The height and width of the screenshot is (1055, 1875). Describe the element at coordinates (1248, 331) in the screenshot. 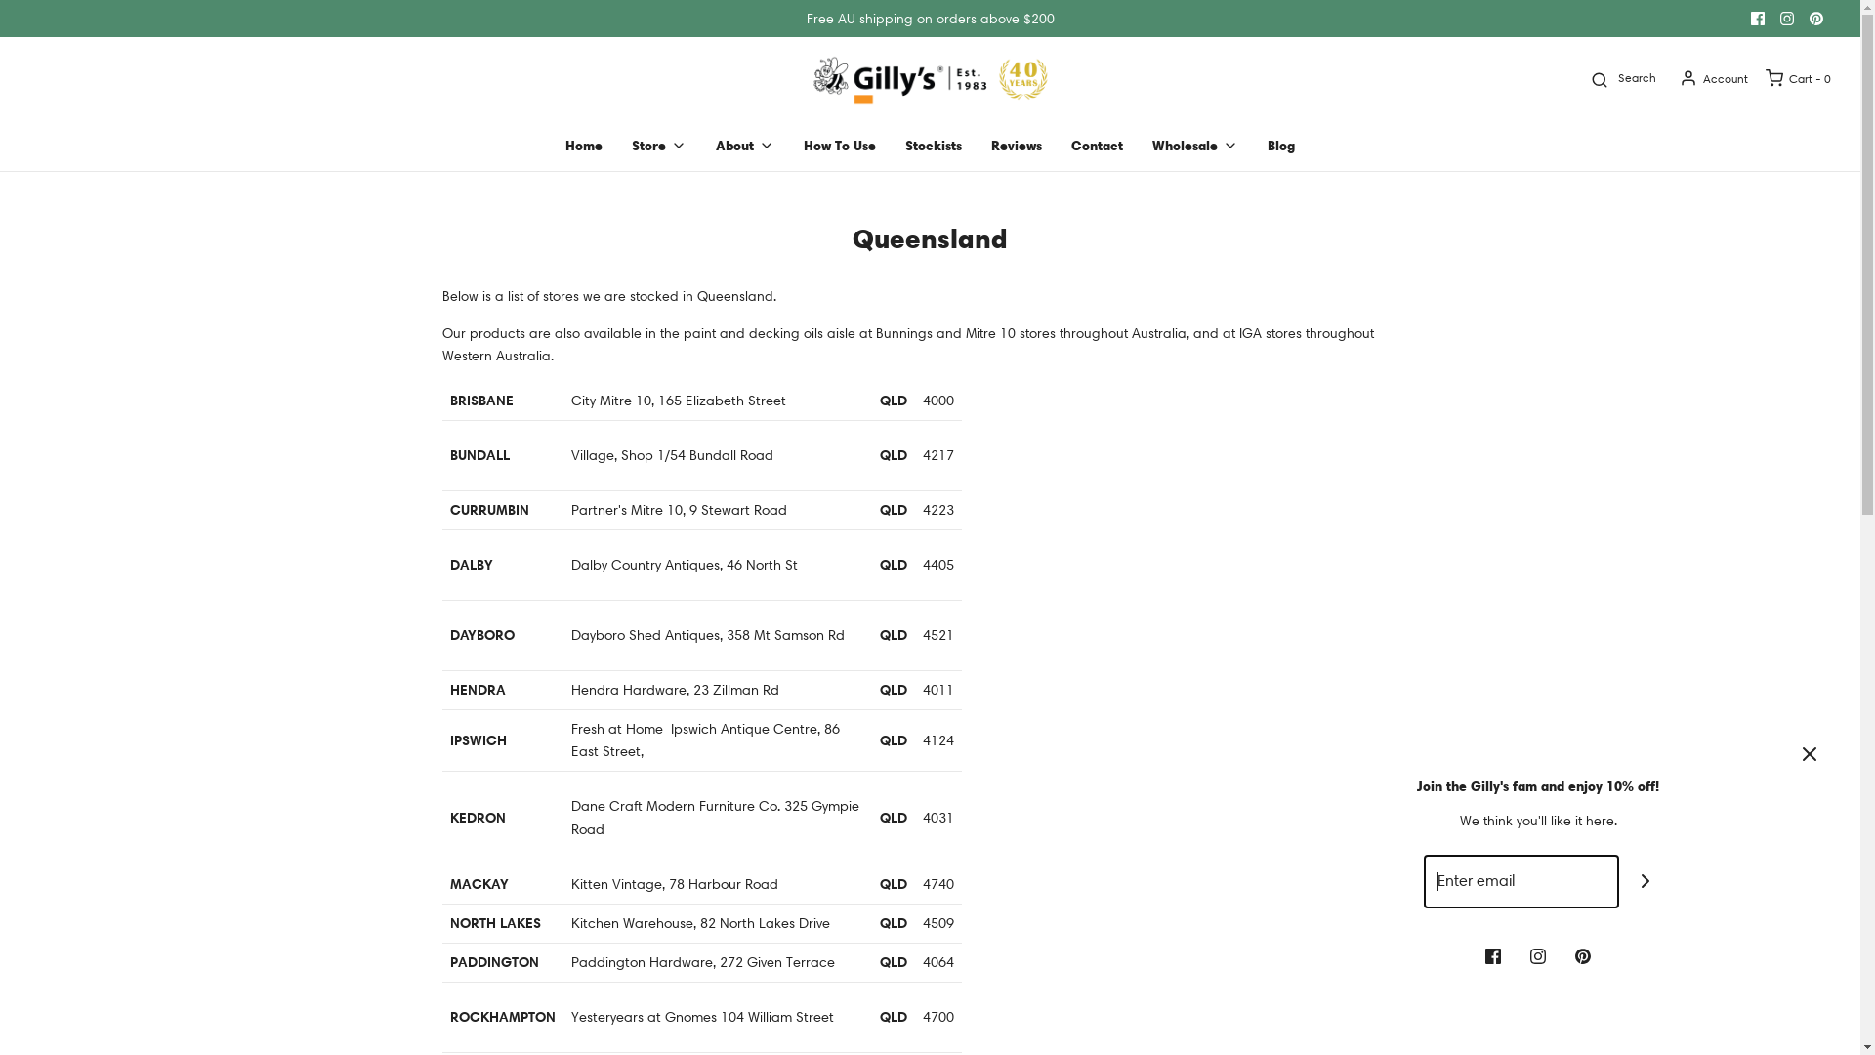

I see `'IGA'` at that location.